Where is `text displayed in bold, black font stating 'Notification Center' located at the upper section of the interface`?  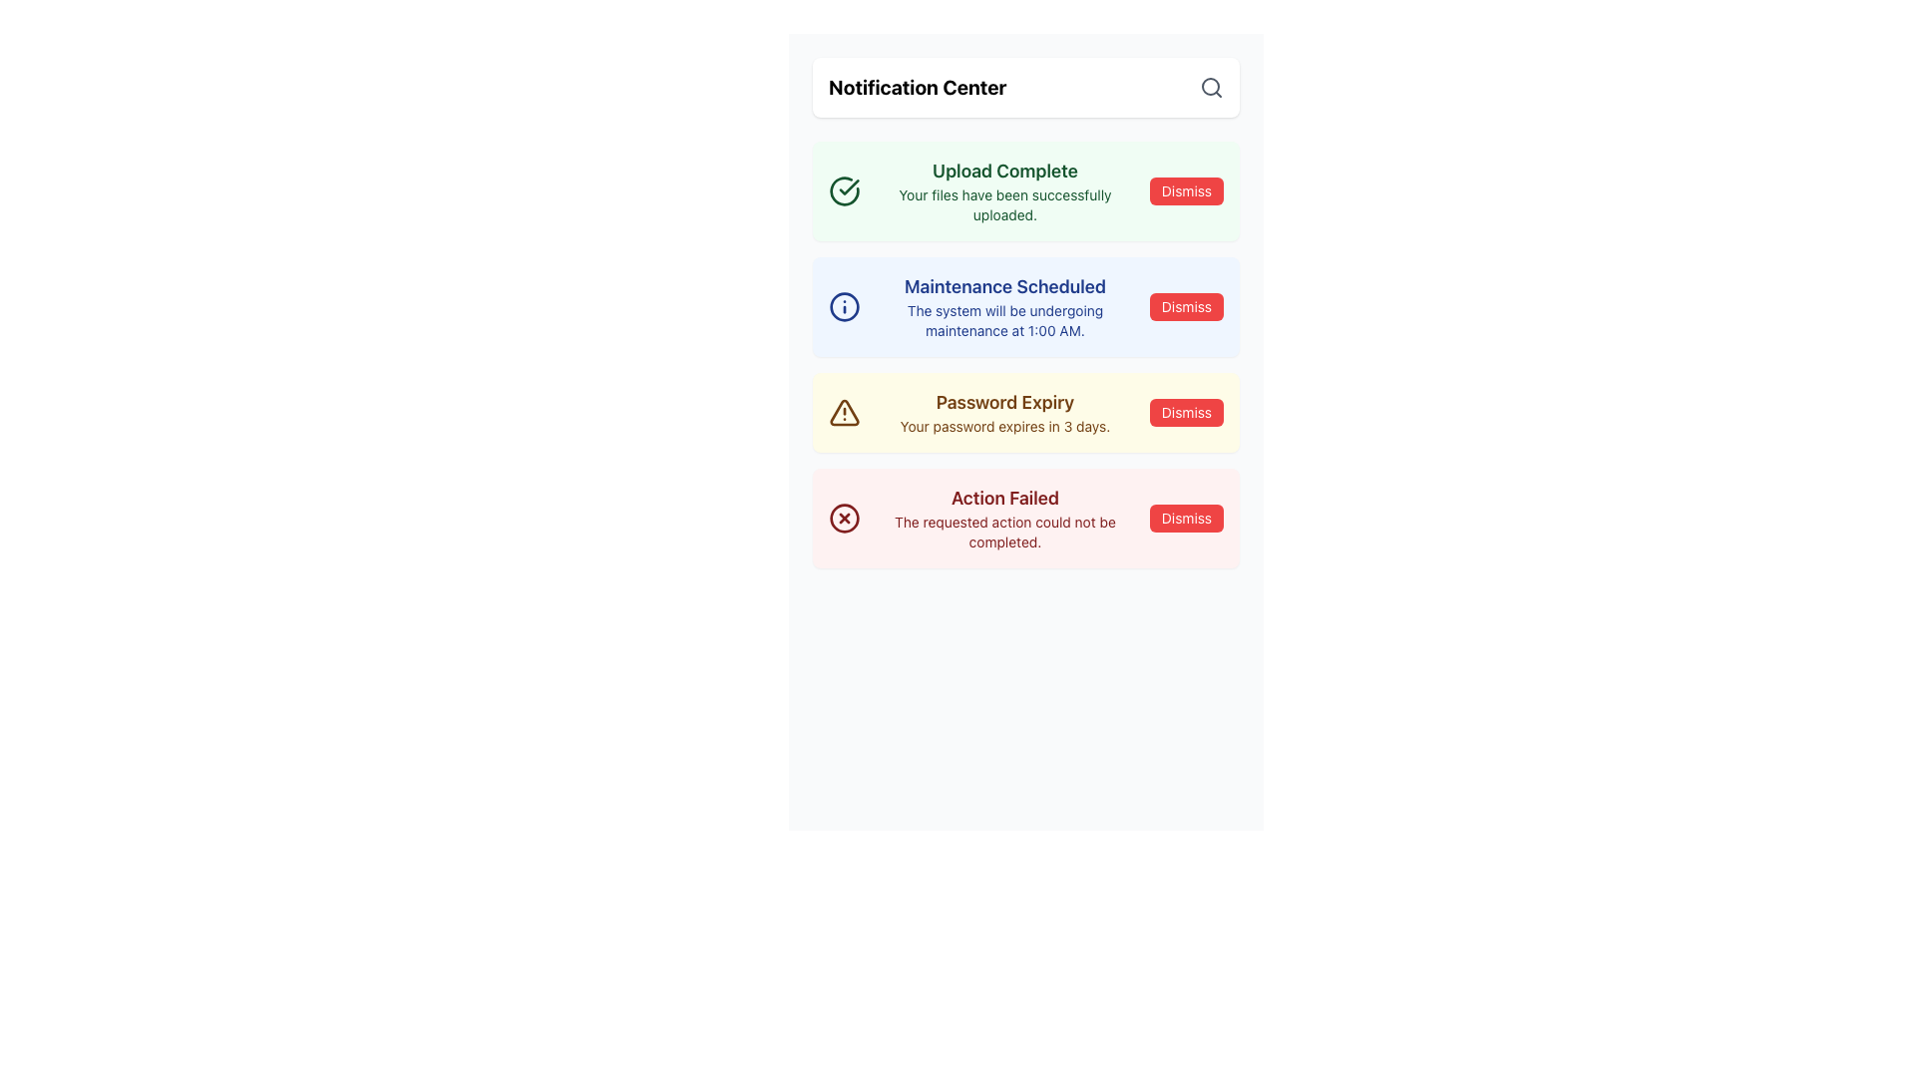 text displayed in bold, black font stating 'Notification Center' located at the upper section of the interface is located at coordinates (917, 87).